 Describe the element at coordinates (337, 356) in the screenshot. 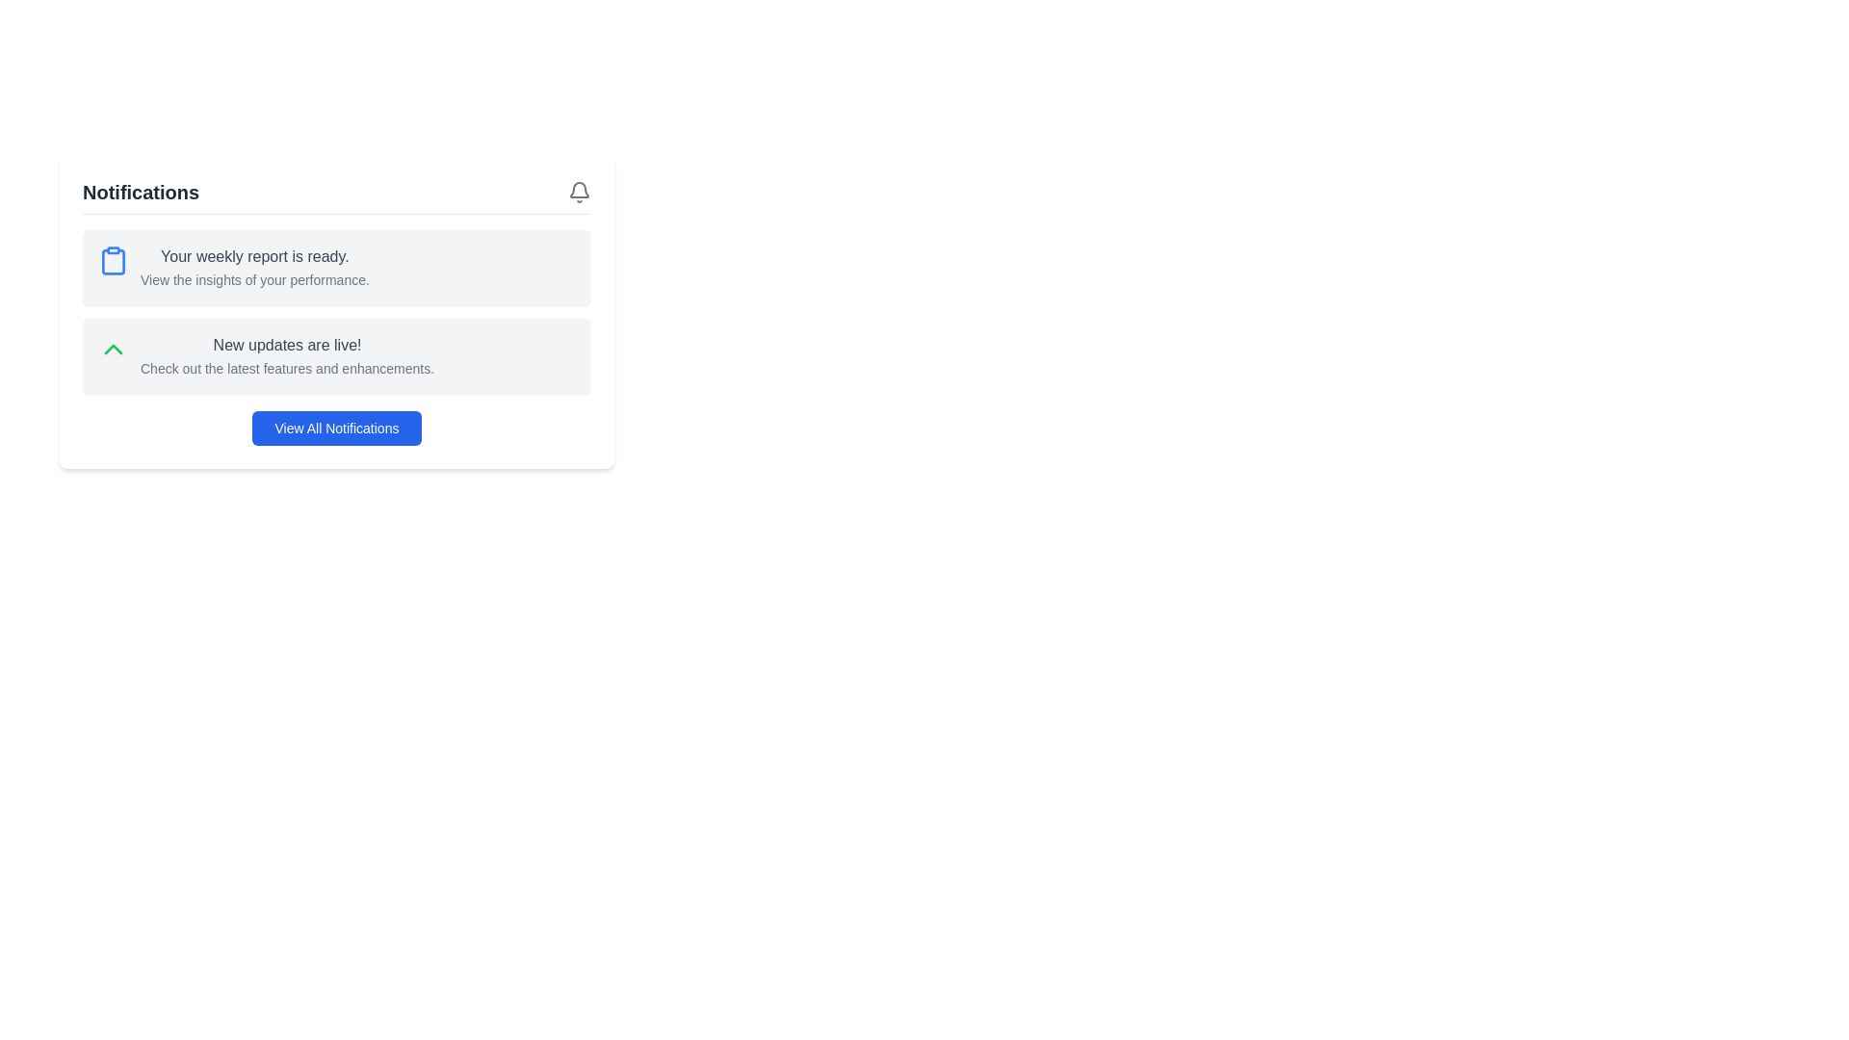

I see `the second notification card in the notification panel` at that location.